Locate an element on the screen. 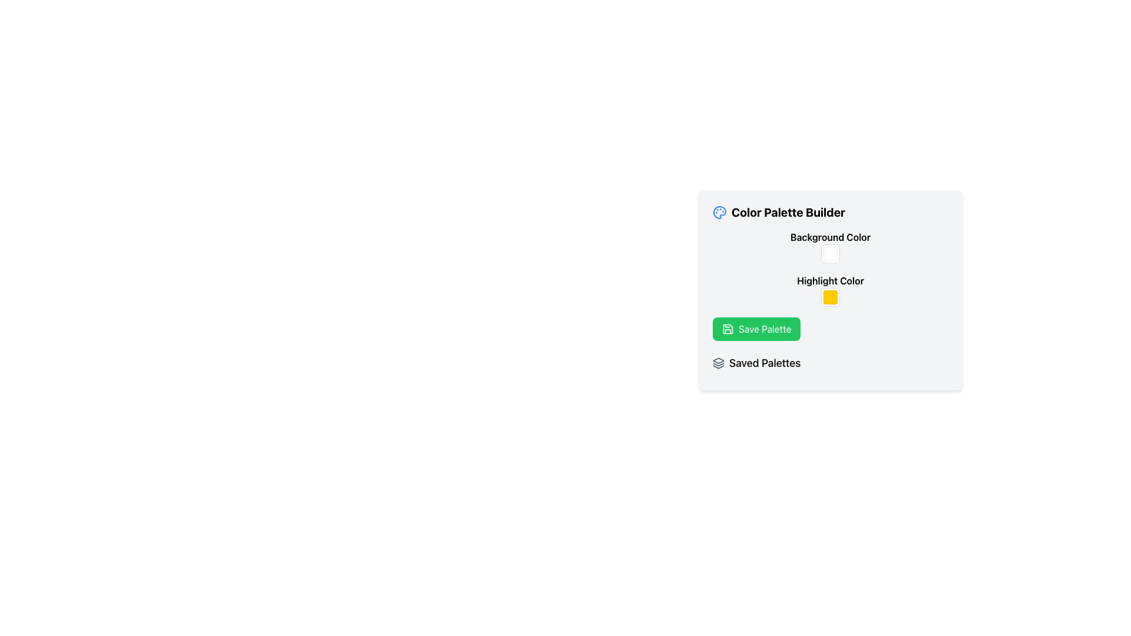  properties of the floppy disk icon with a green outline, located in the top-left part of the 'Save Palette' button in the UI is located at coordinates (727, 329).